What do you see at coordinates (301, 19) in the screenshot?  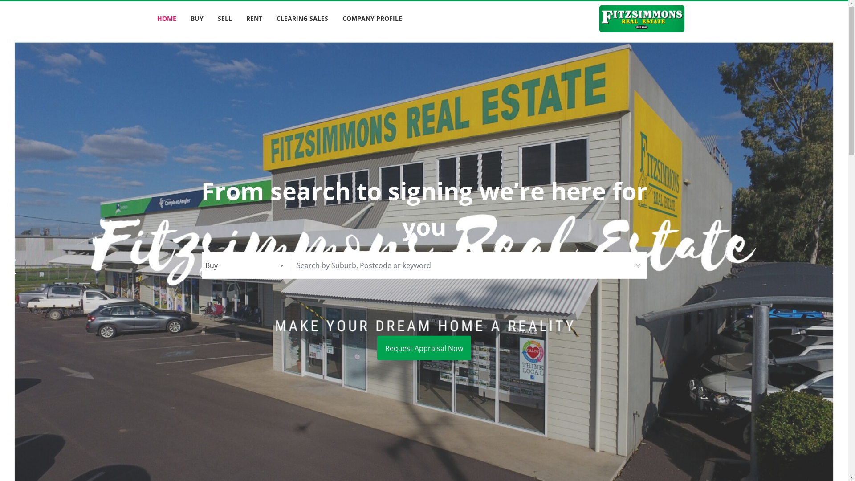 I see `'CLEARING SALES'` at bounding box center [301, 19].